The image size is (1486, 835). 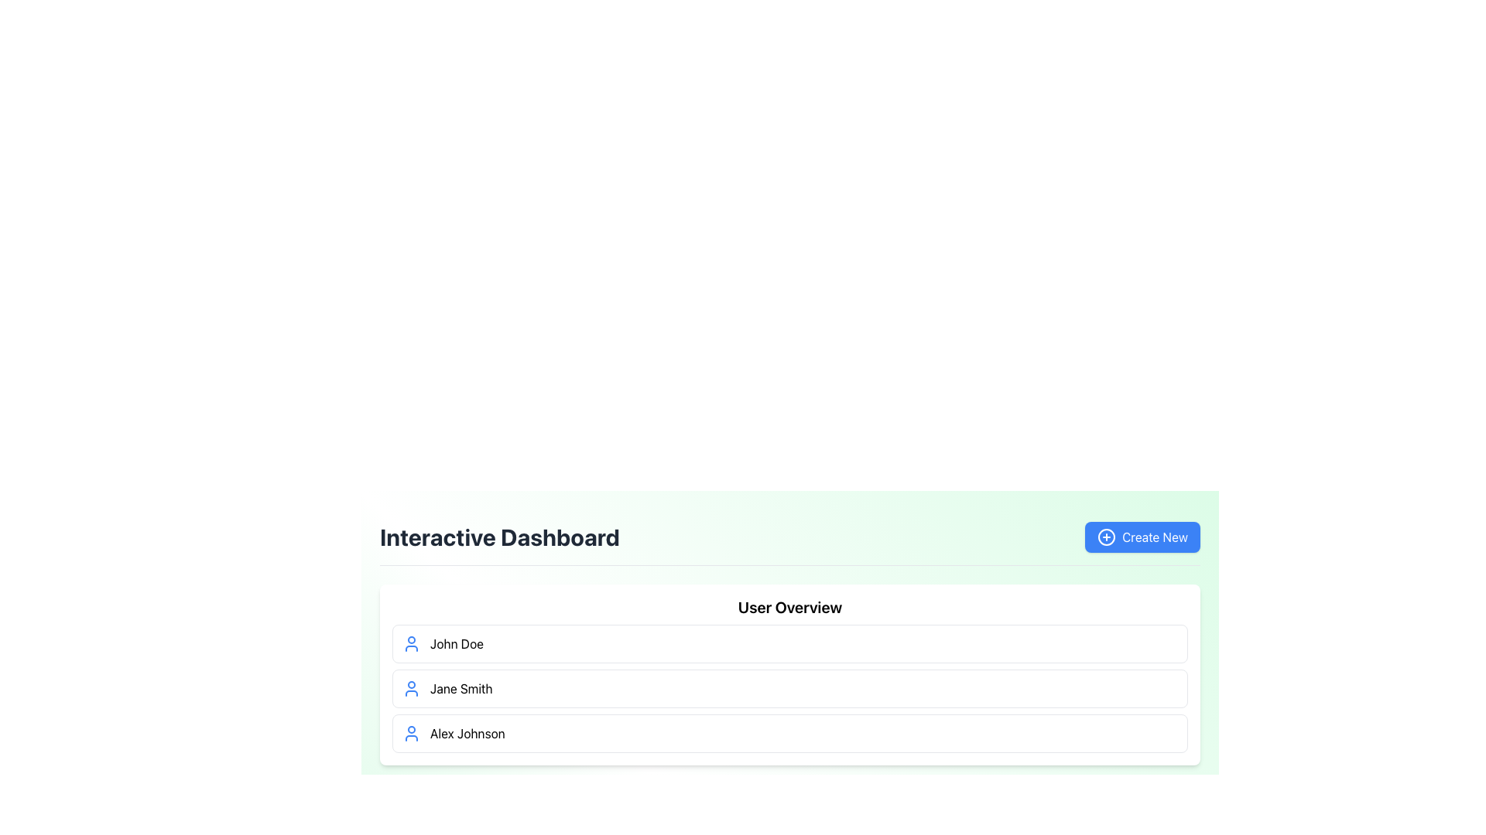 What do you see at coordinates (1142, 536) in the screenshot?
I see `the 'Create New' button located in the top-right corner of the 'Interactive Dashboard' section` at bounding box center [1142, 536].